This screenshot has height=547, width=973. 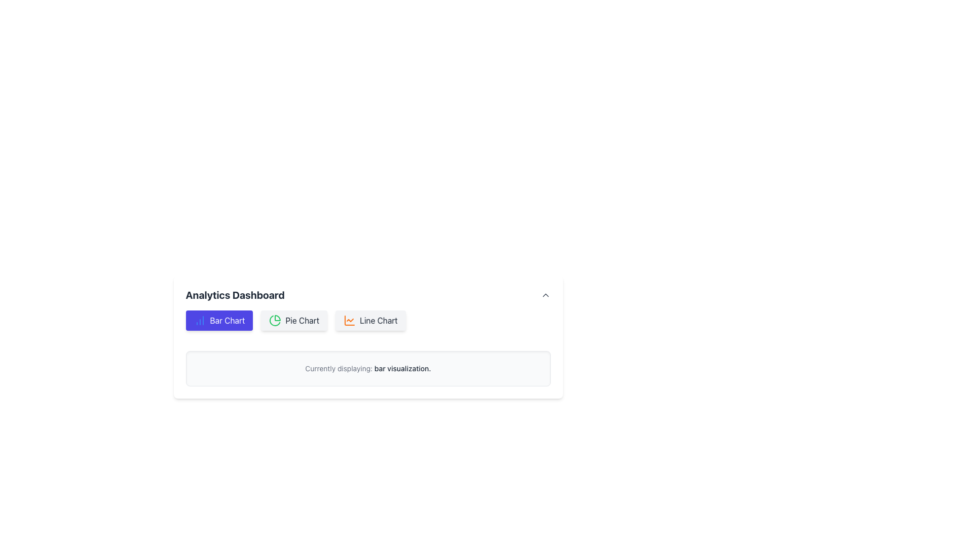 I want to click on the static text element reading 'bar visualization.' which is the concluding part of the sentence 'Currently displaying: bar visualization.', so click(x=402, y=368).